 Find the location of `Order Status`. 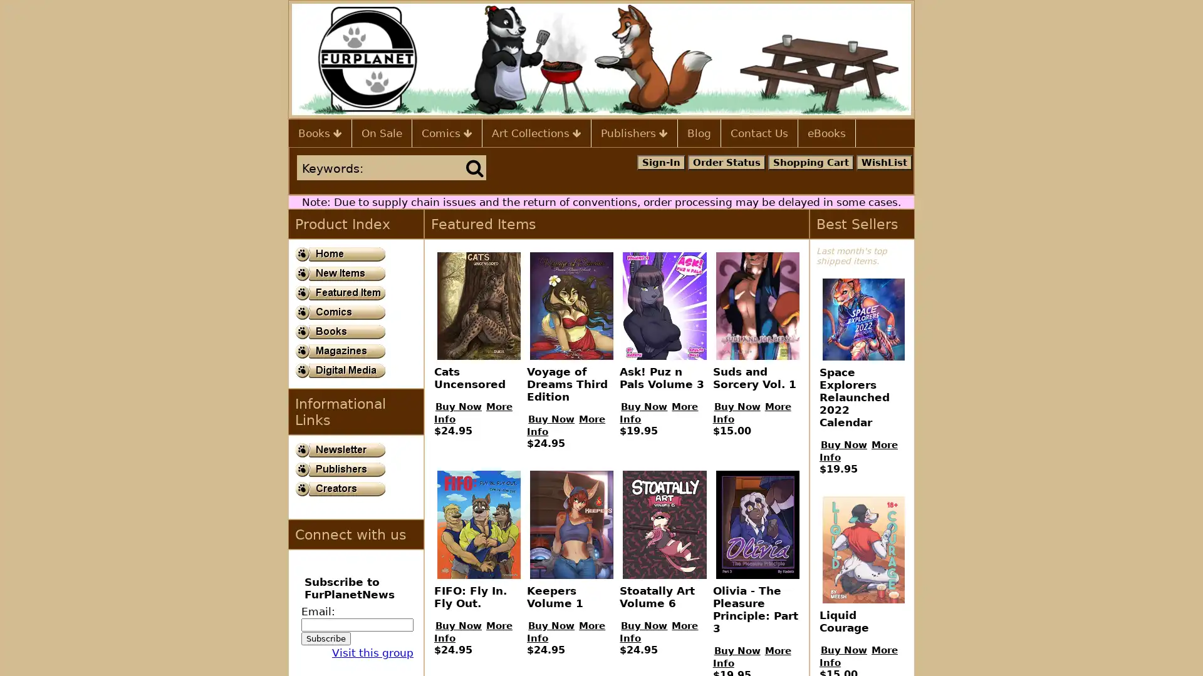

Order Status is located at coordinates (727, 161).